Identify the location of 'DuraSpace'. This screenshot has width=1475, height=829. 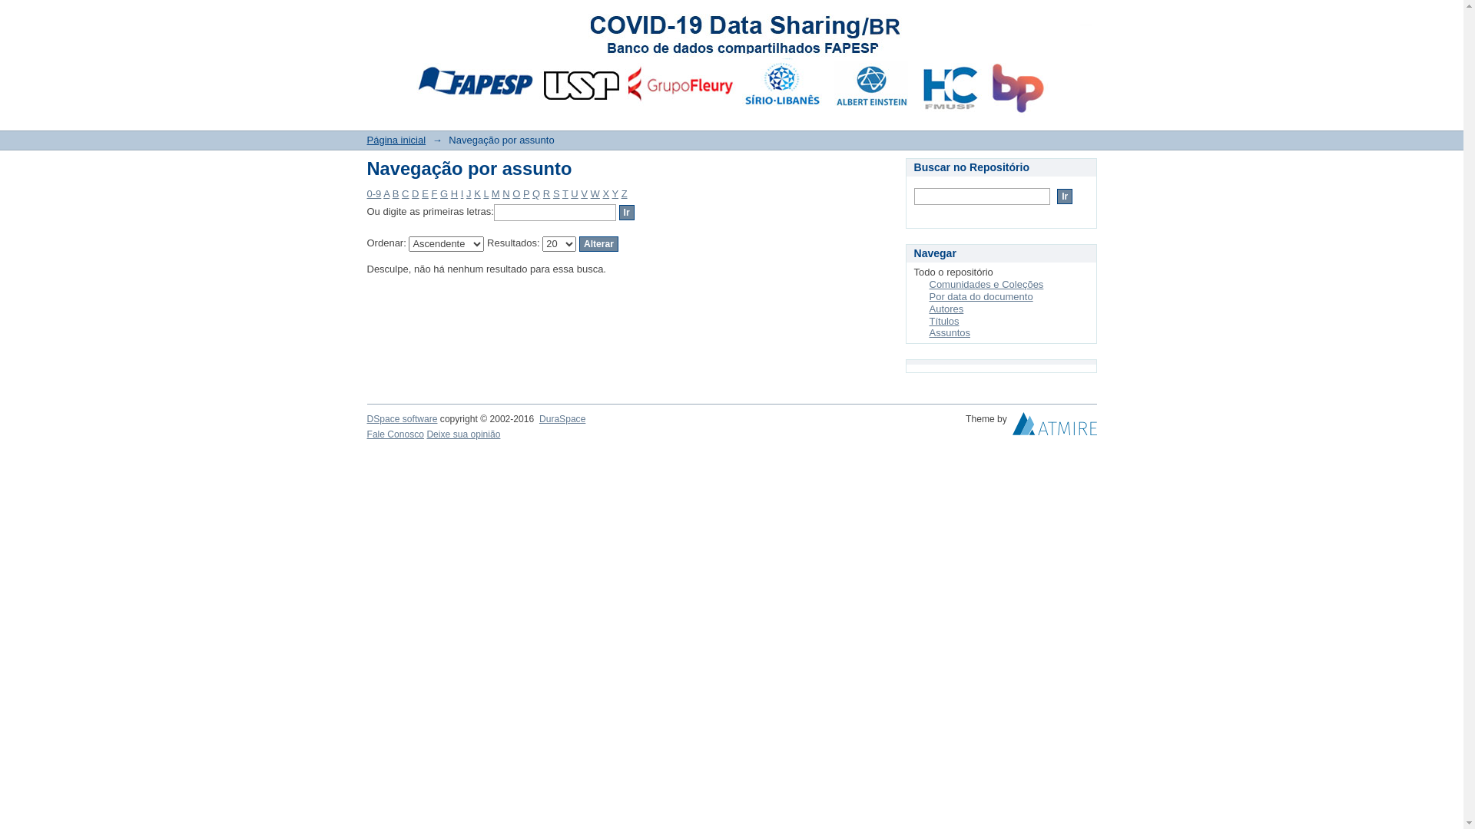
(561, 419).